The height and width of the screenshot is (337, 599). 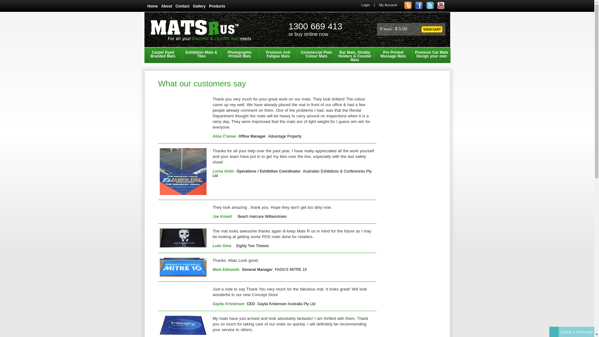 I want to click on 'Exhibition Mats & Tiles', so click(x=202, y=55).